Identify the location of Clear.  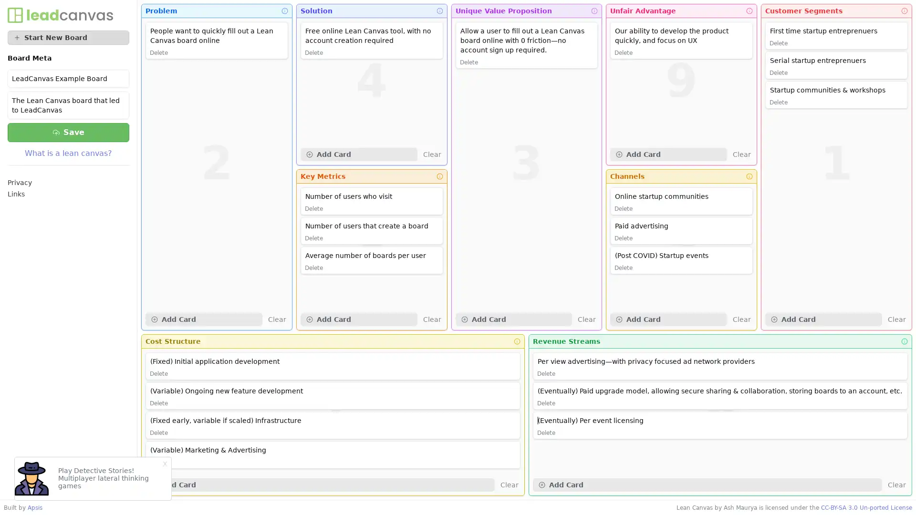
(276, 319).